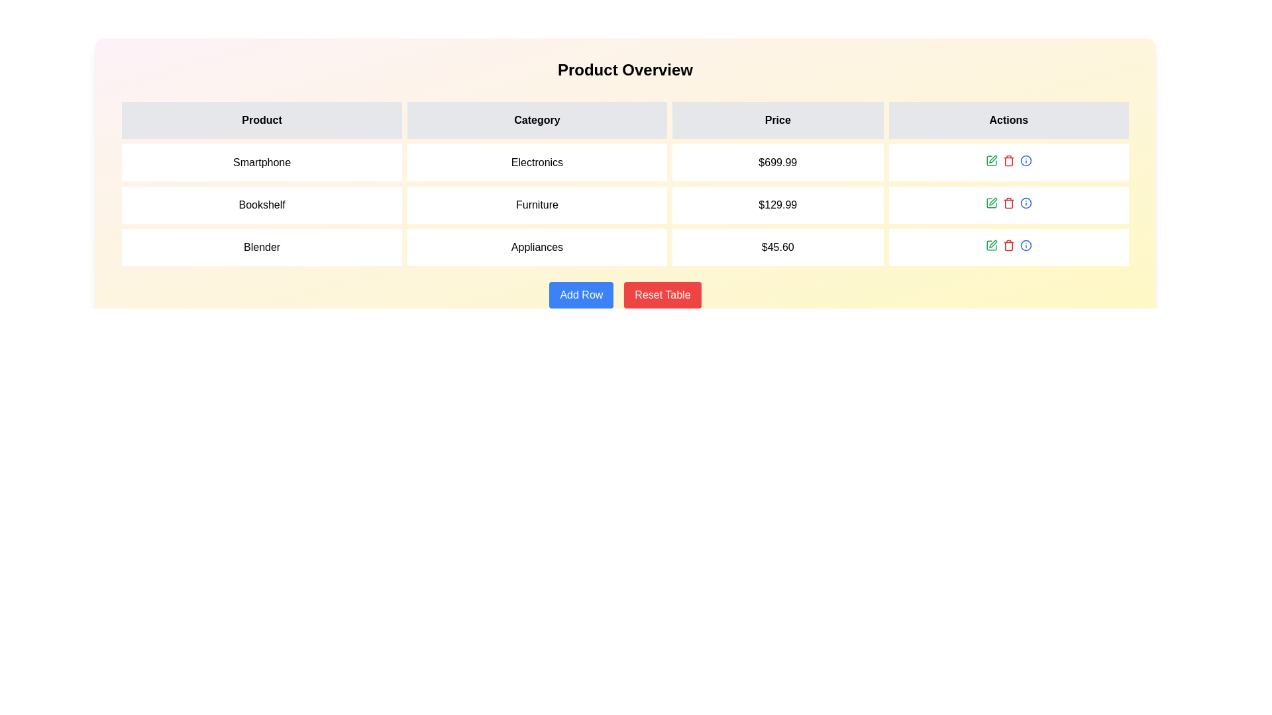  I want to click on the trashcan icon located in the 'Actions' column of the table for the 'Bookshelf' product, so click(1008, 204).